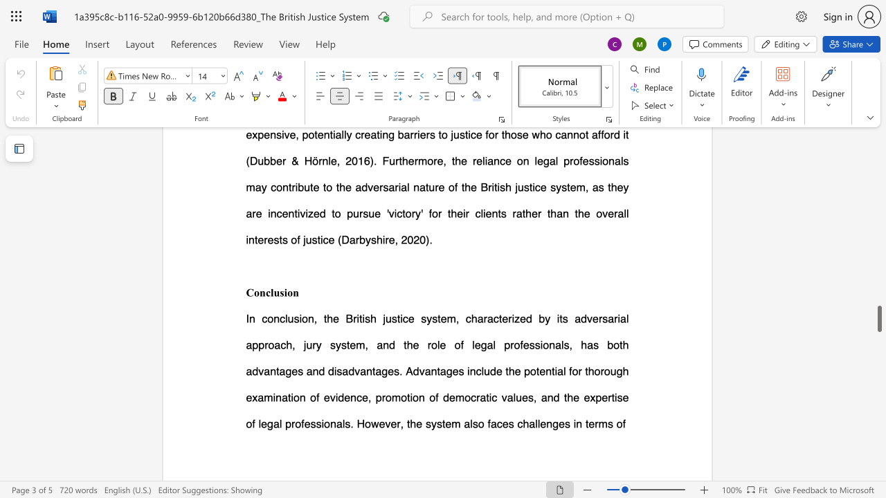 The height and width of the screenshot is (498, 886). I want to click on the vertical scrollbar to raise the page content, so click(878, 165).